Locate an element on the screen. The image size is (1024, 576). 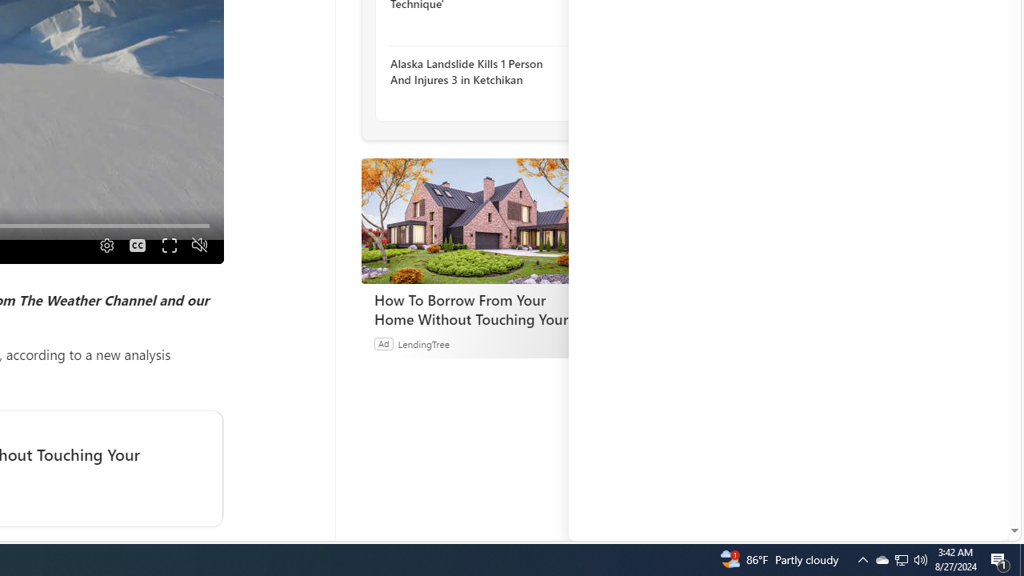
'Quality Settings' is located at coordinates (104, 245).